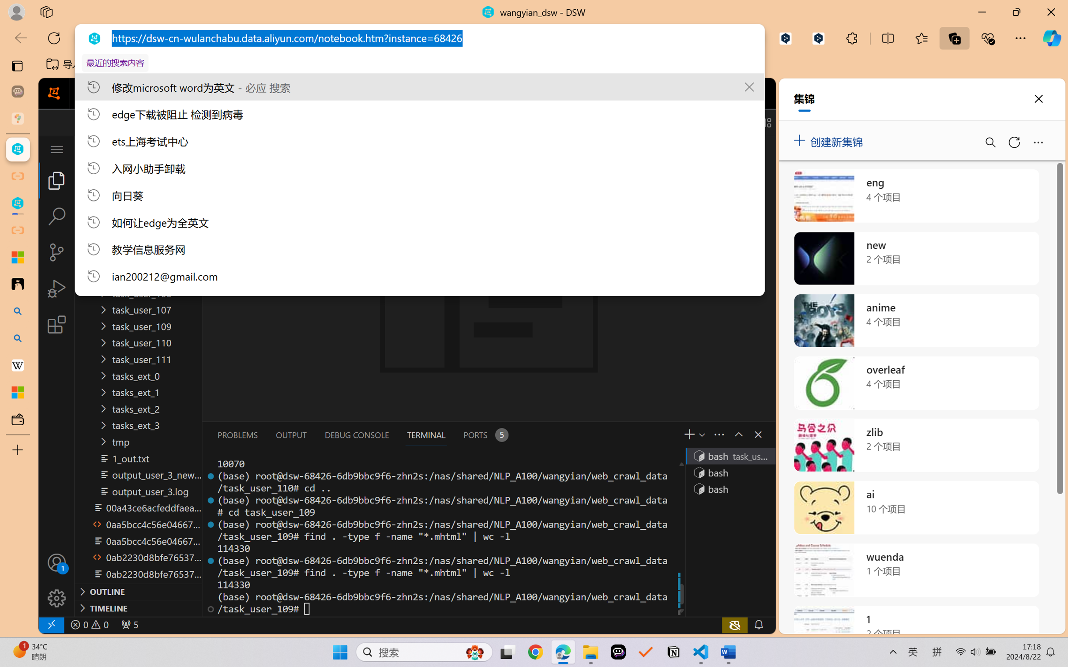  Describe the element at coordinates (56, 216) in the screenshot. I see `'Search (Ctrl+Shift+F)'` at that location.